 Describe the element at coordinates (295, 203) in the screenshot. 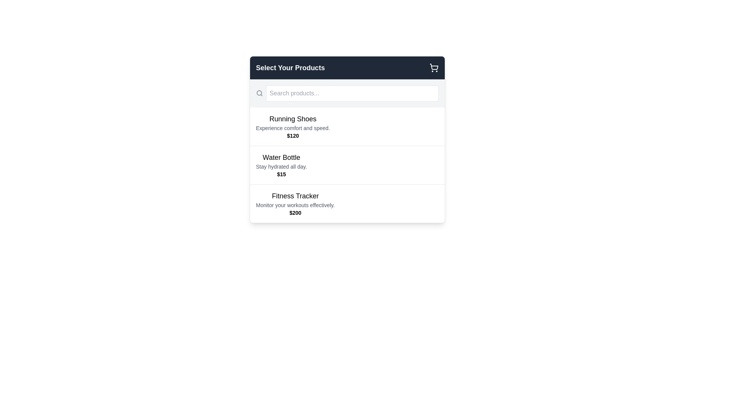

I see `the 'Fitness Tracker' informational component, which displays the product name, description, and price, located` at that location.